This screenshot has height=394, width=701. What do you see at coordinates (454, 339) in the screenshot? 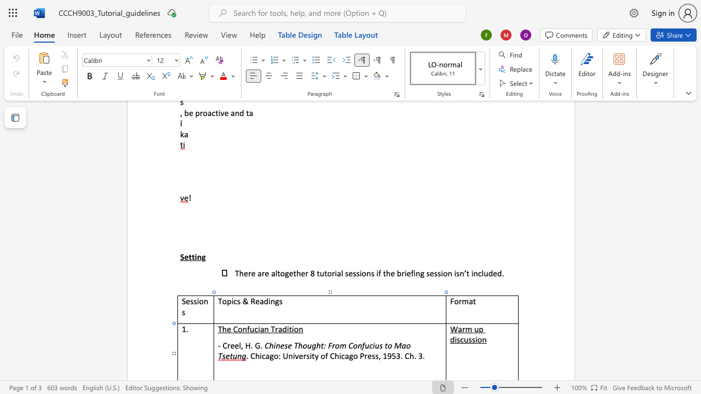
I see `the space between the continuous character "d" and "i" in the text` at bounding box center [454, 339].